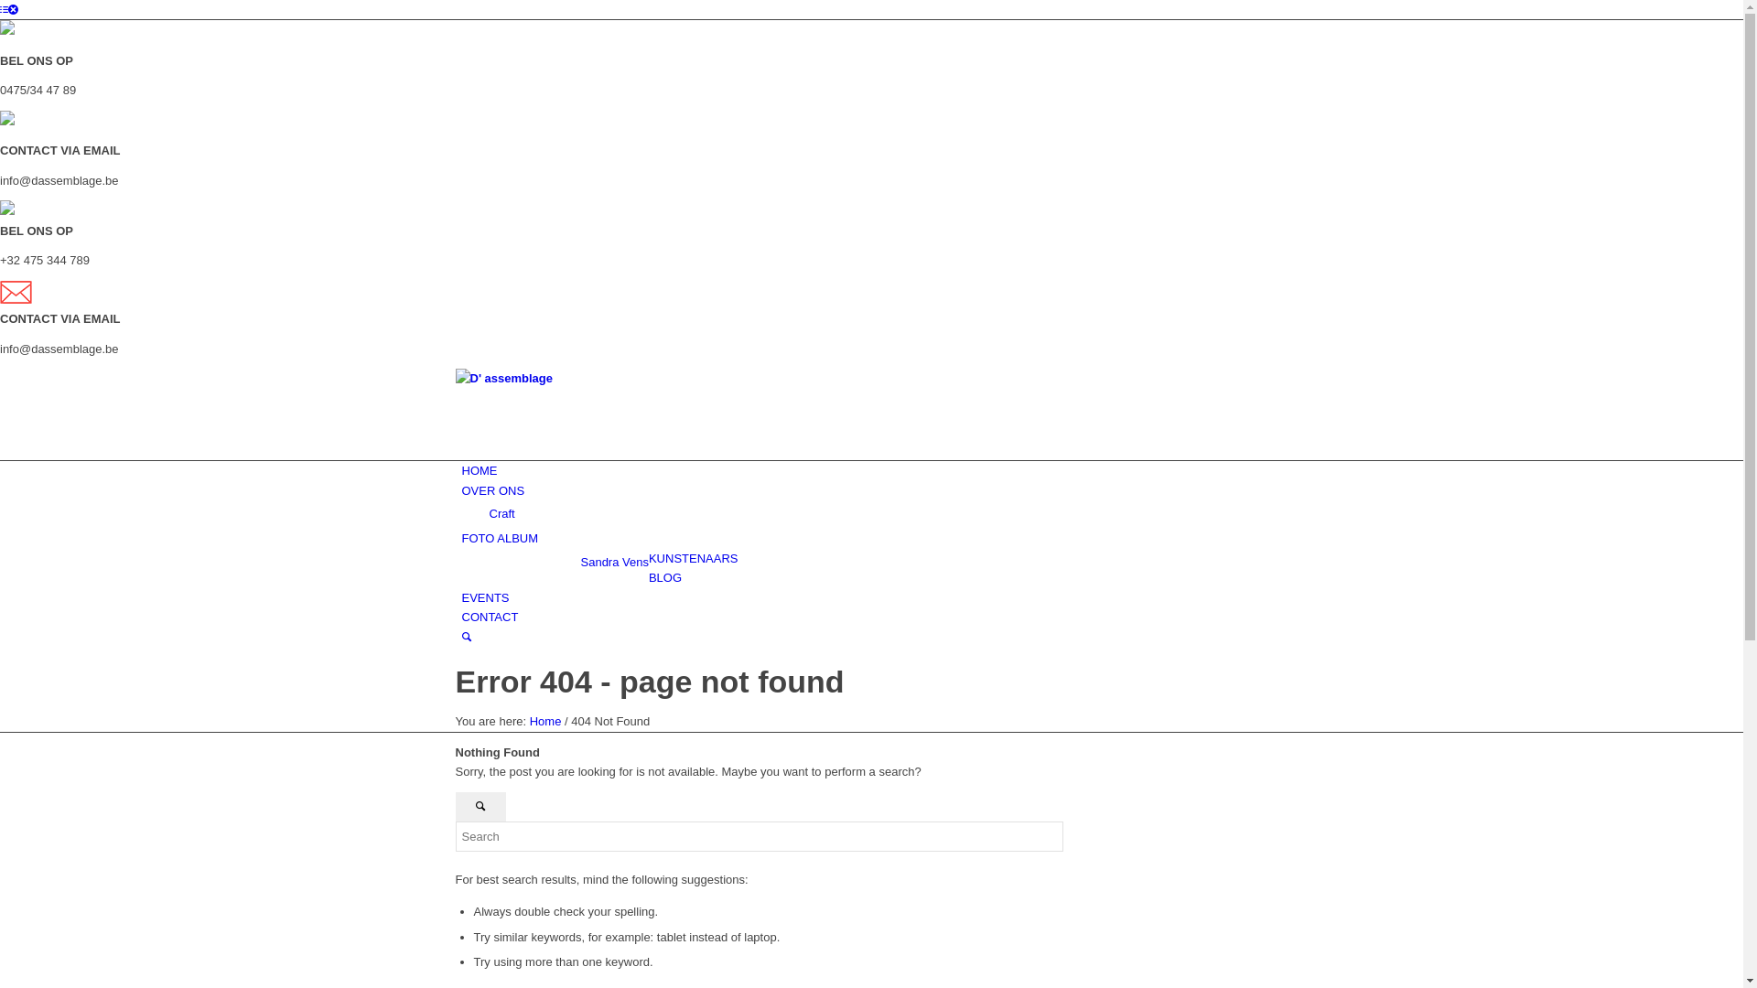 The image size is (1757, 988). I want to click on 'BLOG', so click(663, 577).